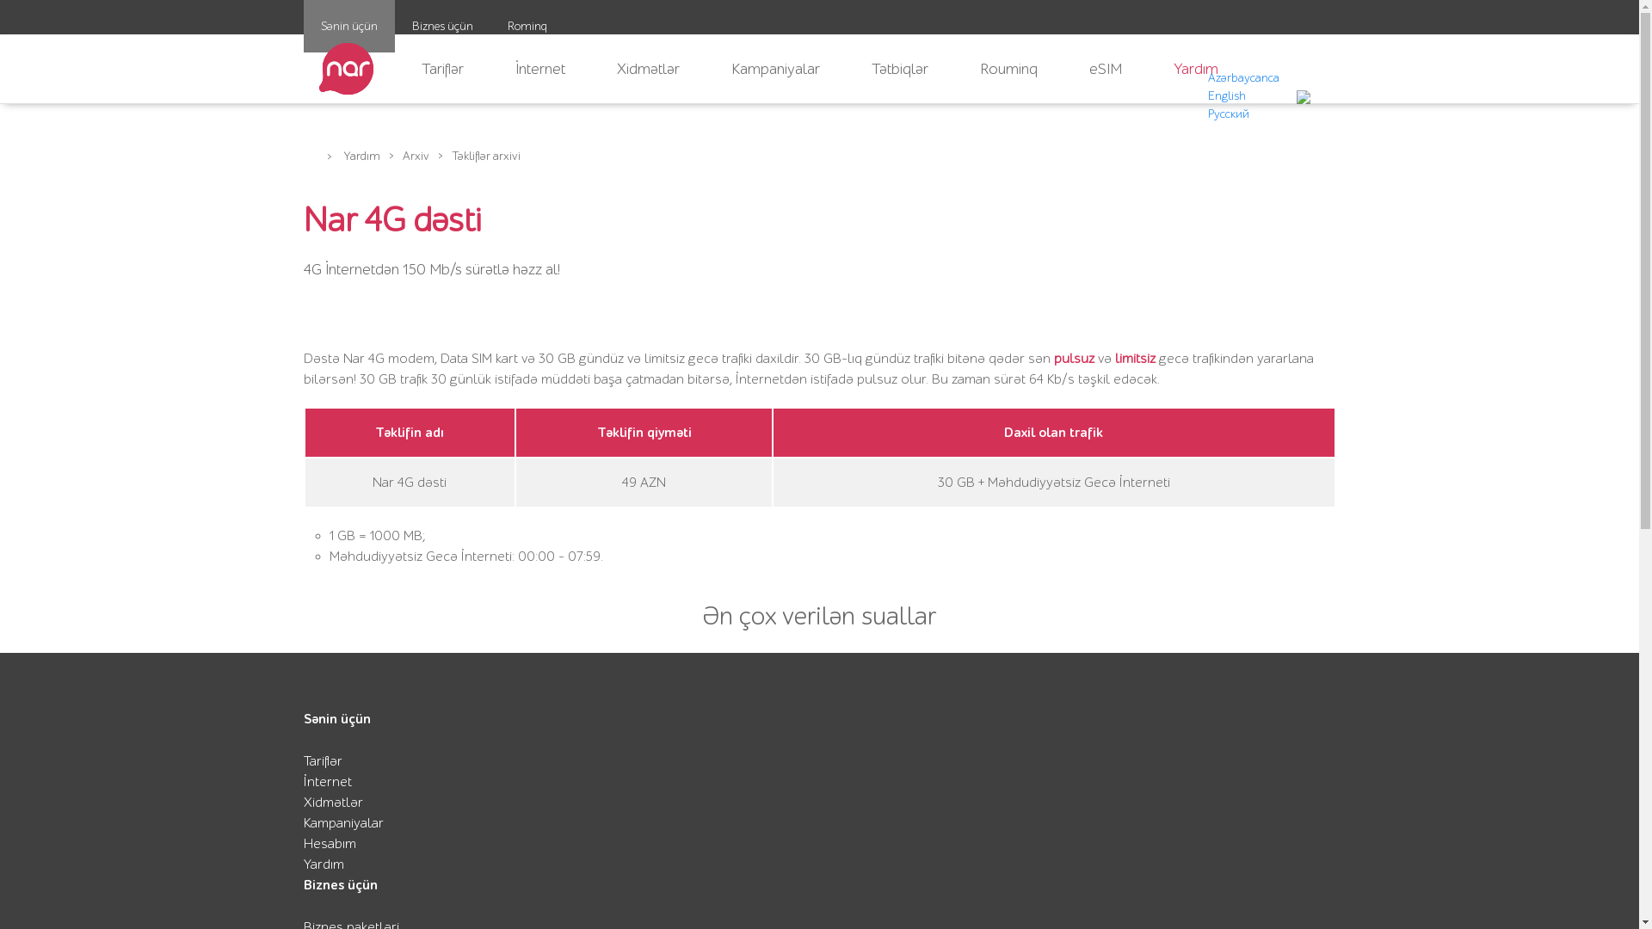 This screenshot has height=929, width=1652. I want to click on 'Arxiv', so click(416, 156).